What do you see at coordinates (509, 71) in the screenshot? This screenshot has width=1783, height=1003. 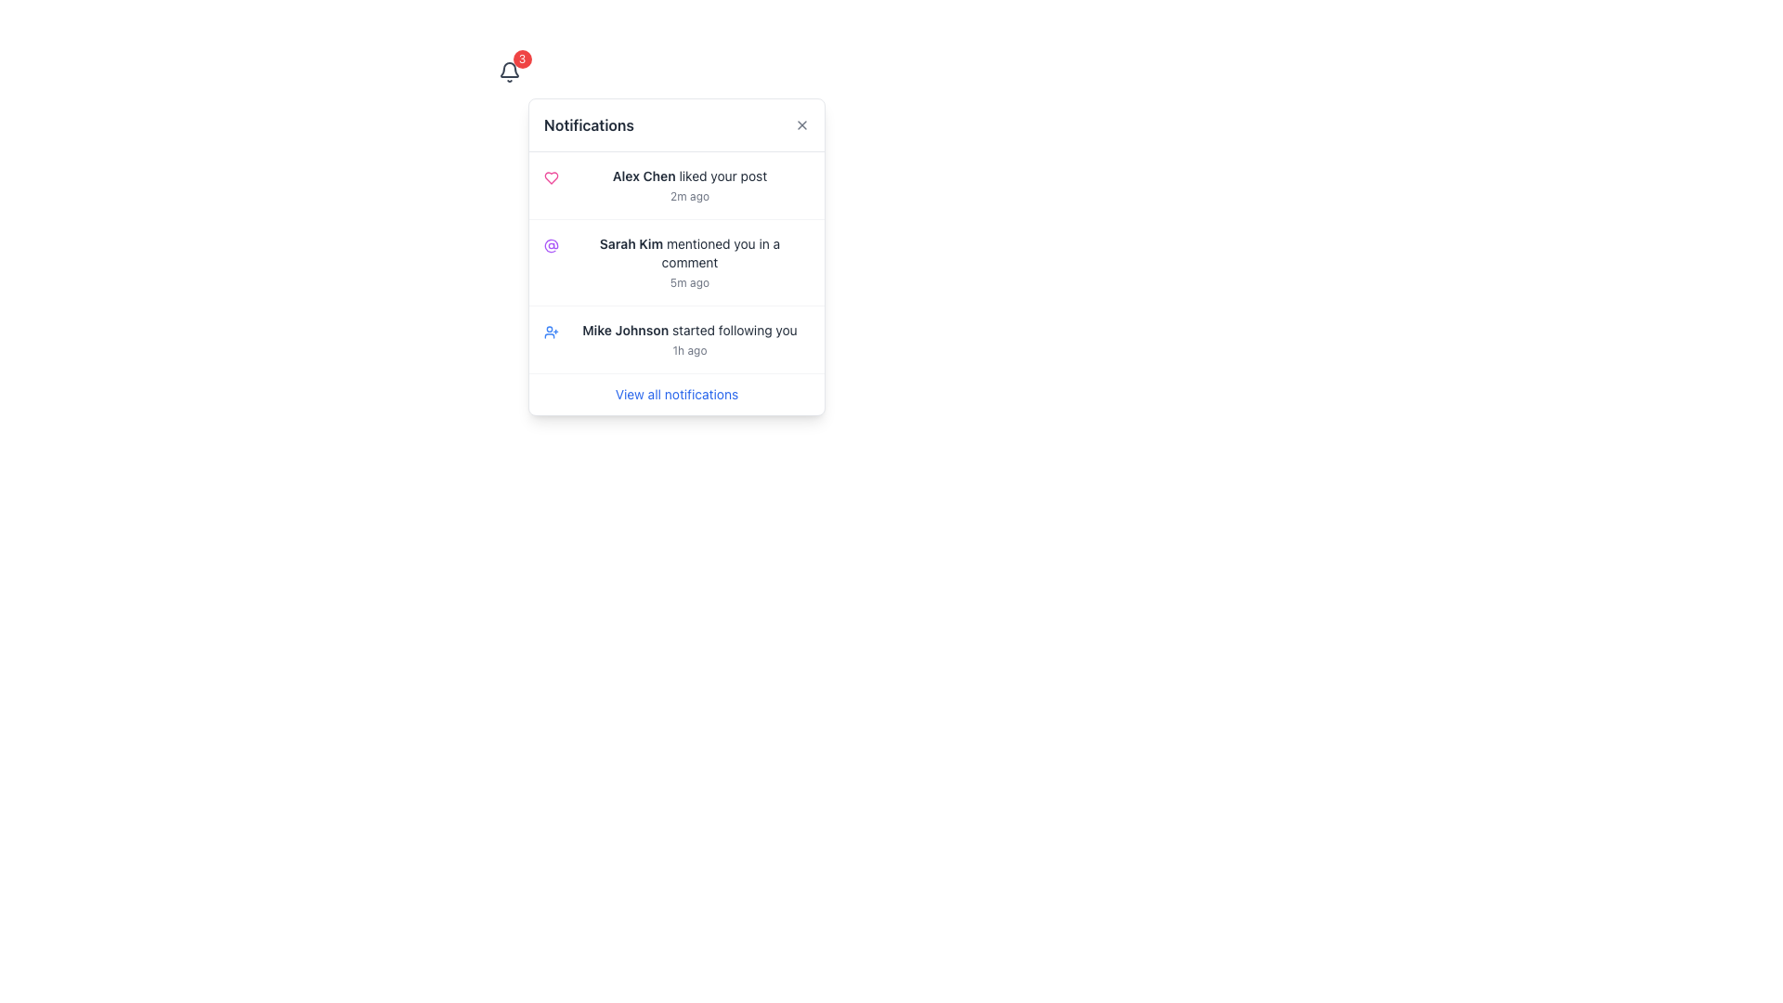 I see `the bell icon located in the top-right notifications section` at bounding box center [509, 71].